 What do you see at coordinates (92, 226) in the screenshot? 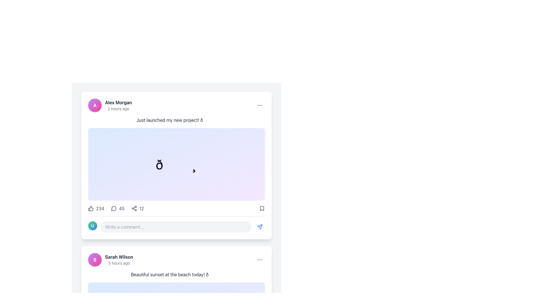
I see `the Badge displaying a rounded shape with a gradient background transitioning from green to blue and containing a white letter 'U' in bold, located in the bottom left of a comment section` at bounding box center [92, 226].